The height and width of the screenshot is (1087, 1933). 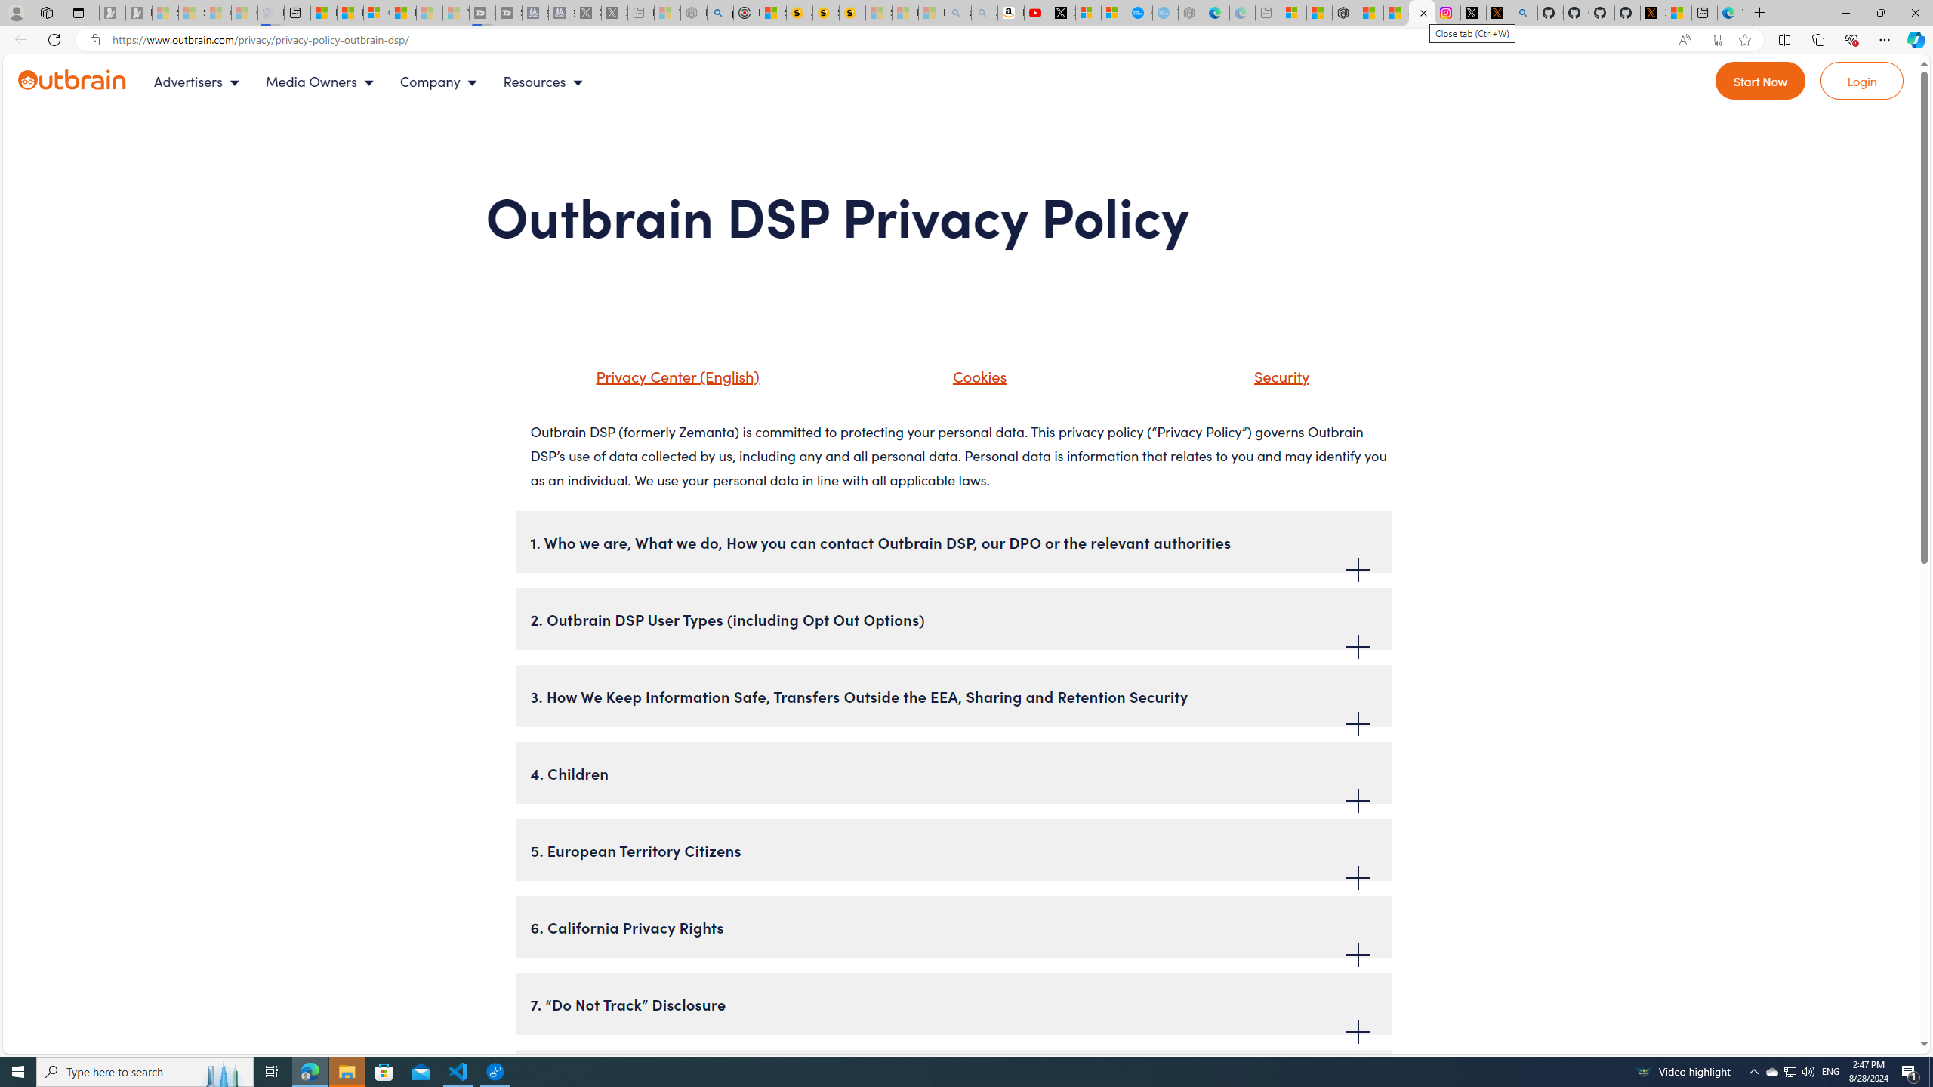 What do you see at coordinates (674, 375) in the screenshot?
I see `'Privacy Center (English)'` at bounding box center [674, 375].